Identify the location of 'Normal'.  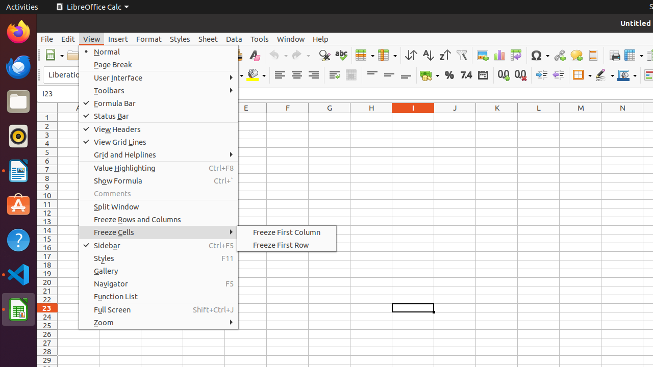
(158, 51).